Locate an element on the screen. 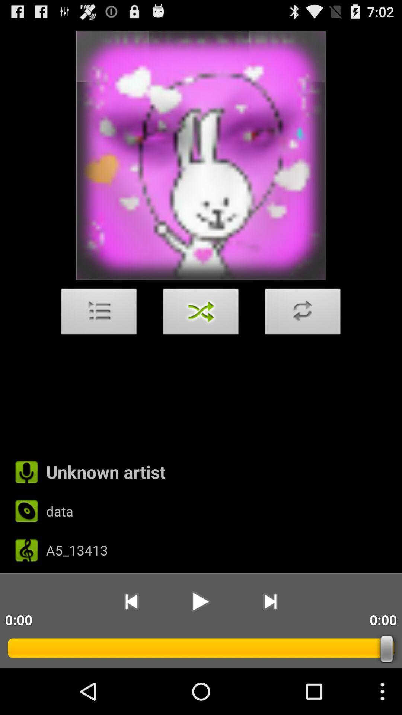 The height and width of the screenshot is (715, 402). the skip_next icon is located at coordinates (270, 643).